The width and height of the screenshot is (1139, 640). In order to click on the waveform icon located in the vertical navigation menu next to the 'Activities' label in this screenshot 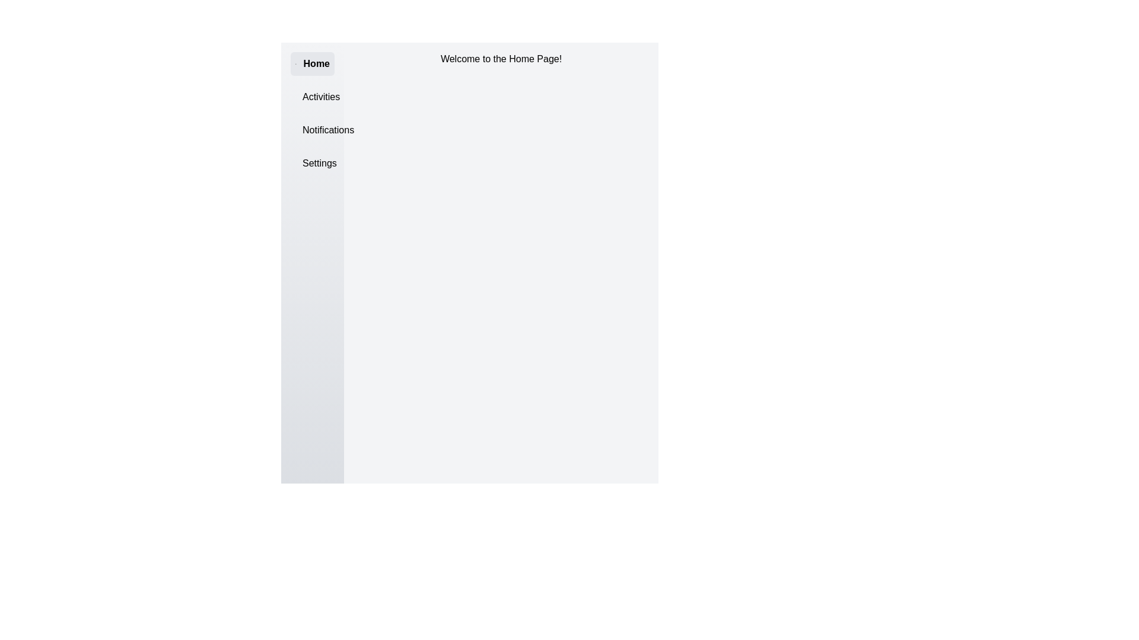, I will do `click(302, 97)`.